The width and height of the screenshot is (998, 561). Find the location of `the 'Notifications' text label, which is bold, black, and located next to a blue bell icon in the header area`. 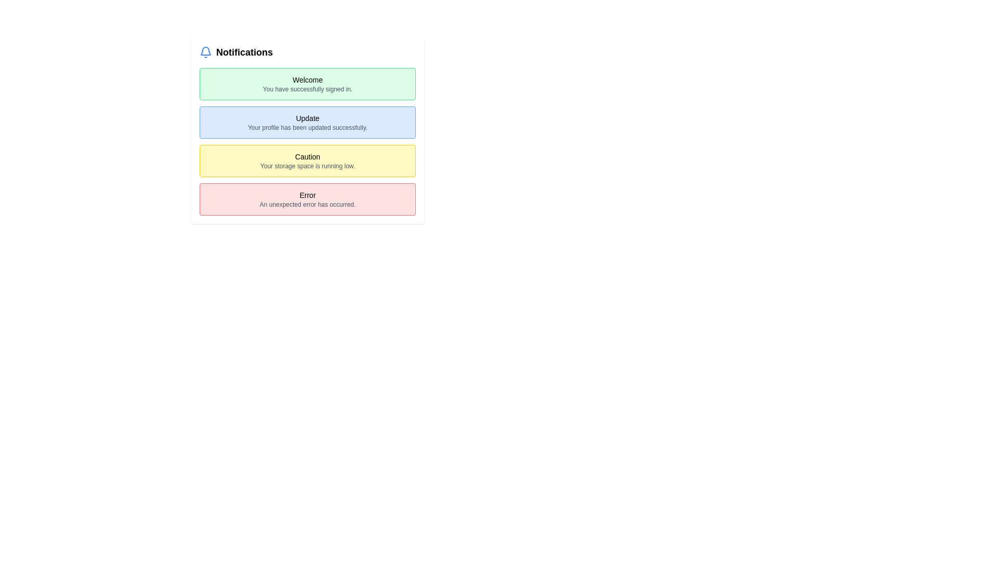

the 'Notifications' text label, which is bold, black, and located next to a blue bell icon in the header area is located at coordinates (244, 52).